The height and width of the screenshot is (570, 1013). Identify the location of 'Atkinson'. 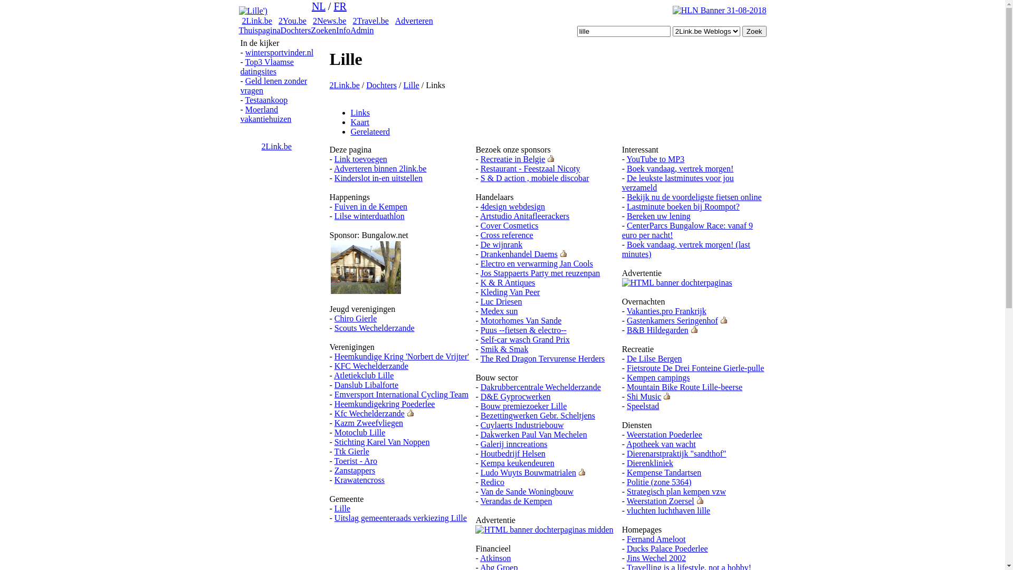
(495, 557).